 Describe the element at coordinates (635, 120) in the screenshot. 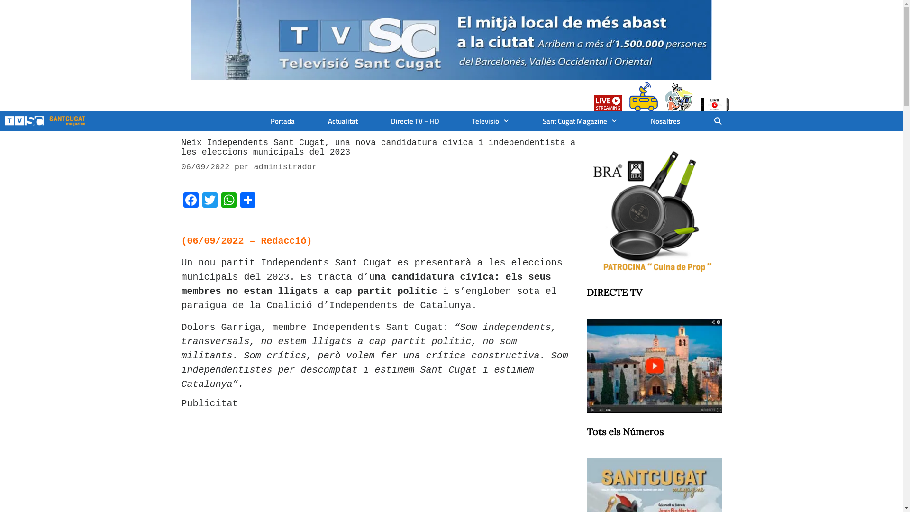

I see `'Nosaltres'` at that location.